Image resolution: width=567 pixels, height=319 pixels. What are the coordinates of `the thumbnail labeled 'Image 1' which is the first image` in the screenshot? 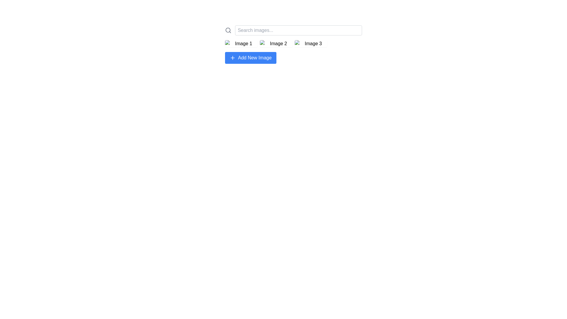 It's located at (241, 43).